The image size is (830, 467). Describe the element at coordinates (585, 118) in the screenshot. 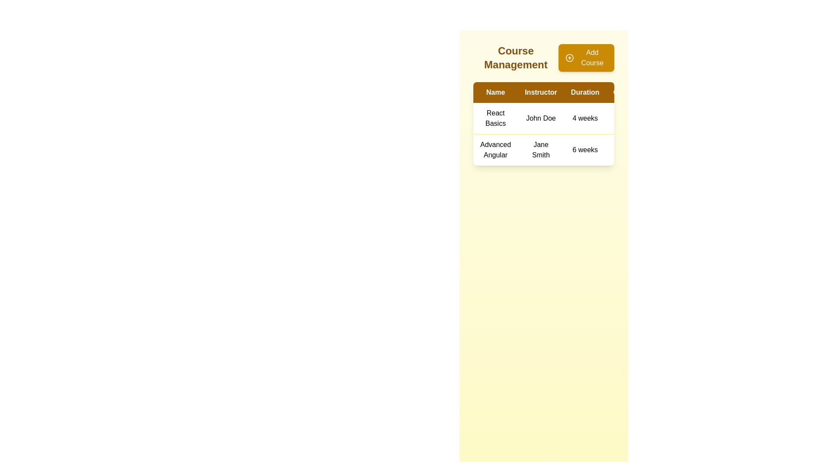

I see `text displaying the duration of the course, which shows '4 weeks' in the third column of the first row of the Course Management table` at that location.